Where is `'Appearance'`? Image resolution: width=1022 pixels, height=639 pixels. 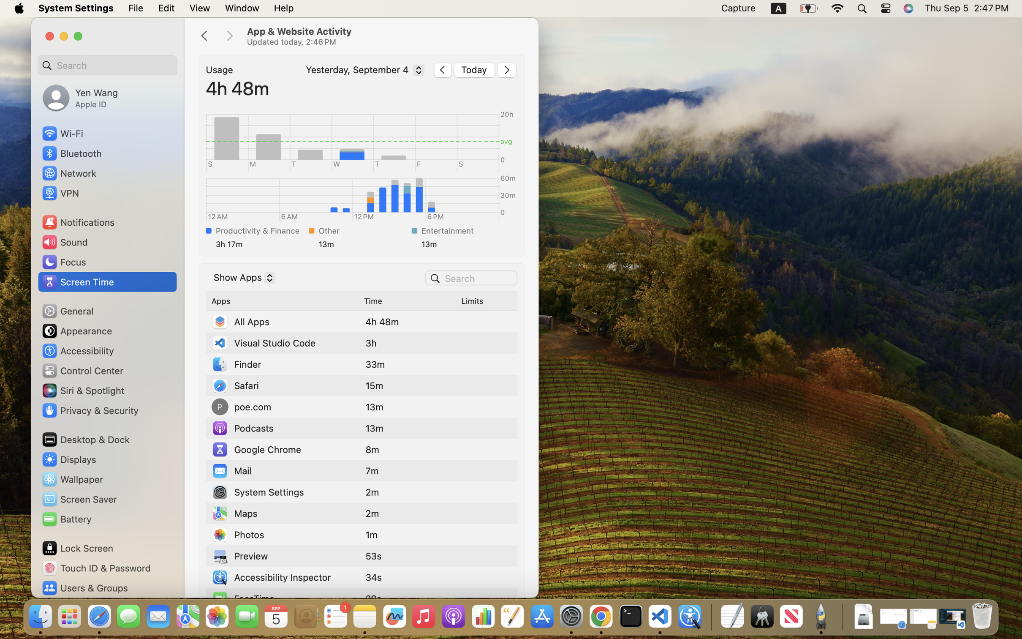 'Appearance' is located at coordinates (76, 330).